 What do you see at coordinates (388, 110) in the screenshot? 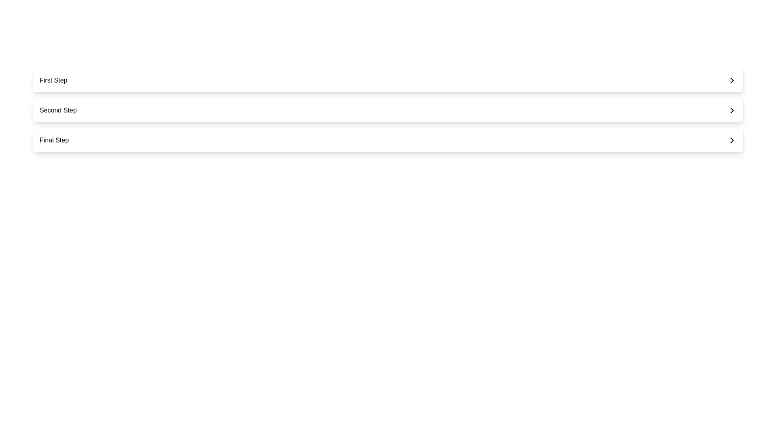
I see `the second item in the vertical list, which represents a navigational step` at bounding box center [388, 110].